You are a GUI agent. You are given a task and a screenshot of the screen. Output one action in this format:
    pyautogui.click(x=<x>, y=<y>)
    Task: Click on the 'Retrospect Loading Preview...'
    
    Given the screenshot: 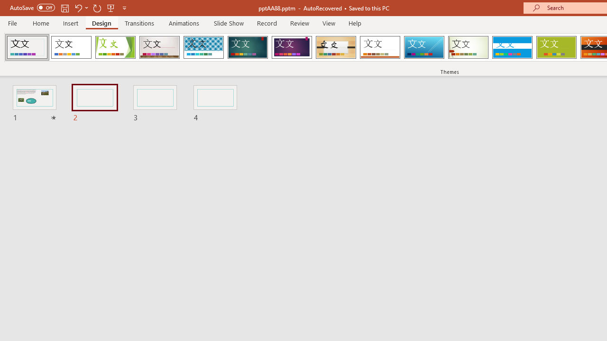 What is the action you would take?
    pyautogui.click(x=380, y=47)
    